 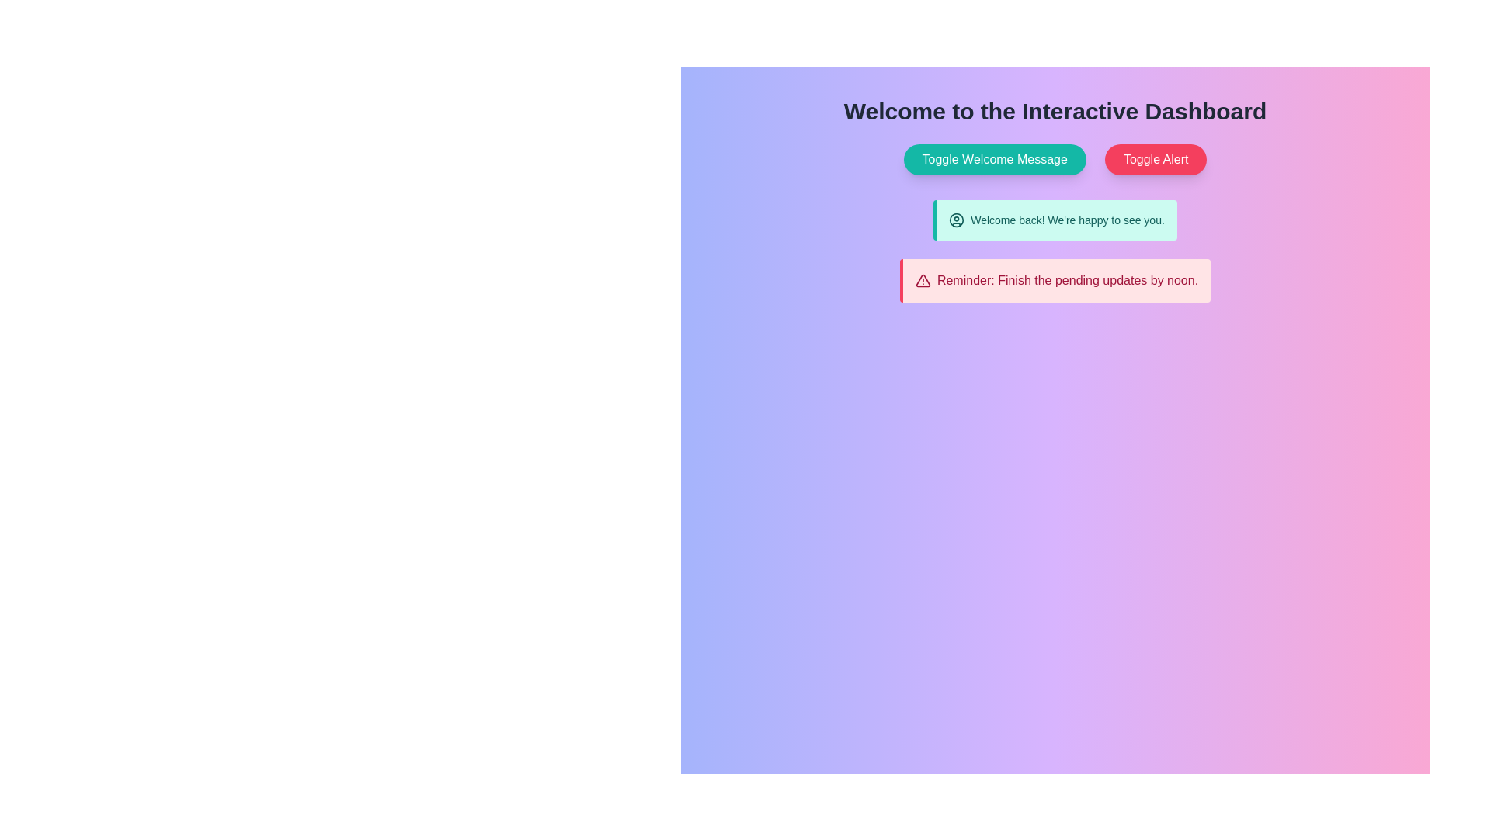 I want to click on the circular user icon that represents a user profile, positioned to the left of the 'Welcome back! We're happy, so click(x=956, y=220).